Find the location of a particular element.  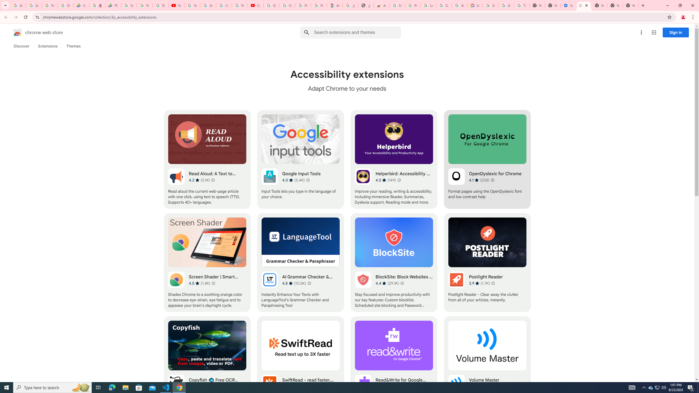

'Who are Google' is located at coordinates (460, 5).